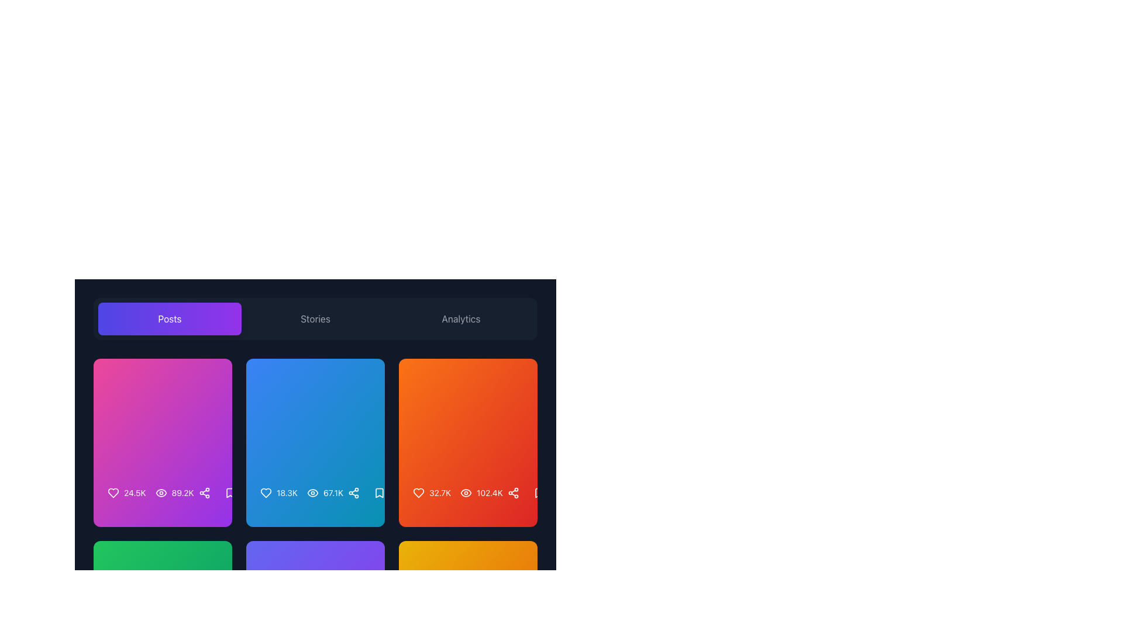 The height and width of the screenshot is (631, 1123). Describe the element at coordinates (468, 493) in the screenshot. I see `the Labels with descriptive icons located in the footer-like bar at the bottom of the orange card, which contains the data components '32.7K' and '102.4K'` at that location.